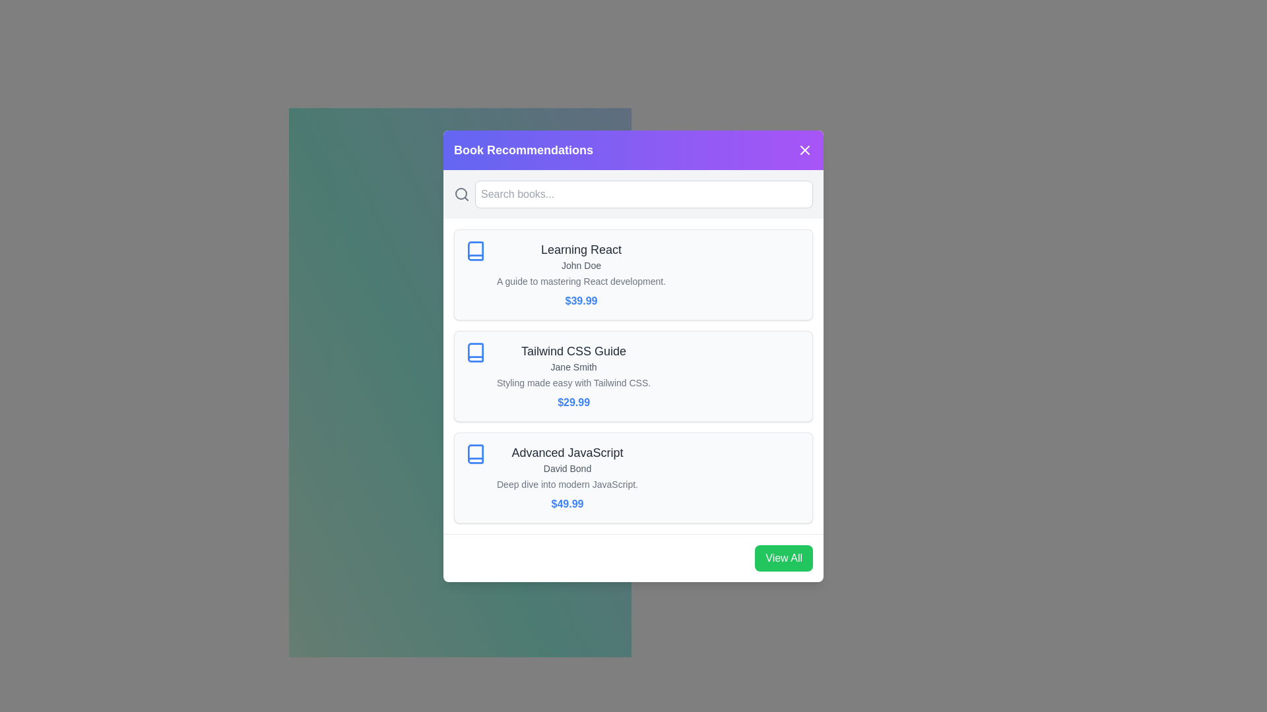  Describe the element at coordinates (581, 265) in the screenshot. I see `the text component displaying 'John Doe', which is styled in light gray and located beneath 'Learning React' in the Book Recommendations modal` at that location.